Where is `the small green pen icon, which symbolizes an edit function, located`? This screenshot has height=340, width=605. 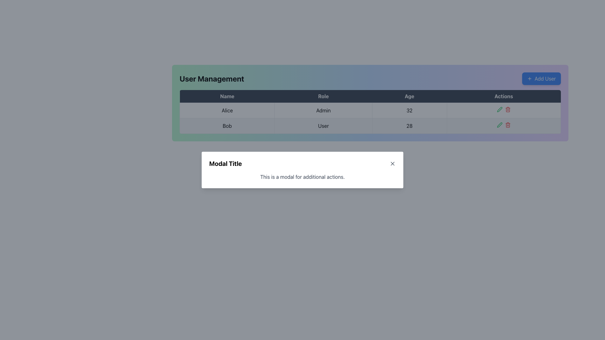 the small green pen icon, which symbolizes an edit function, located is located at coordinates (499, 125).